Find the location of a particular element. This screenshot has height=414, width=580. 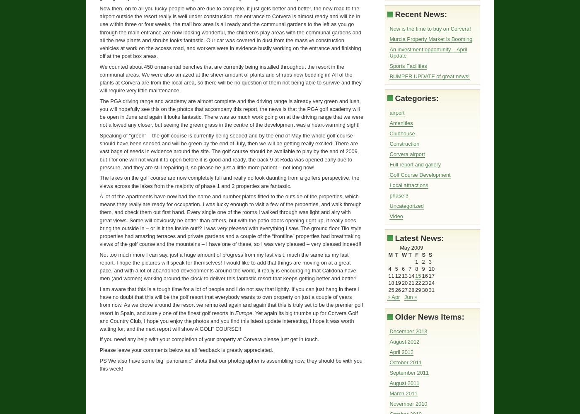

'20' is located at coordinates (404, 283).